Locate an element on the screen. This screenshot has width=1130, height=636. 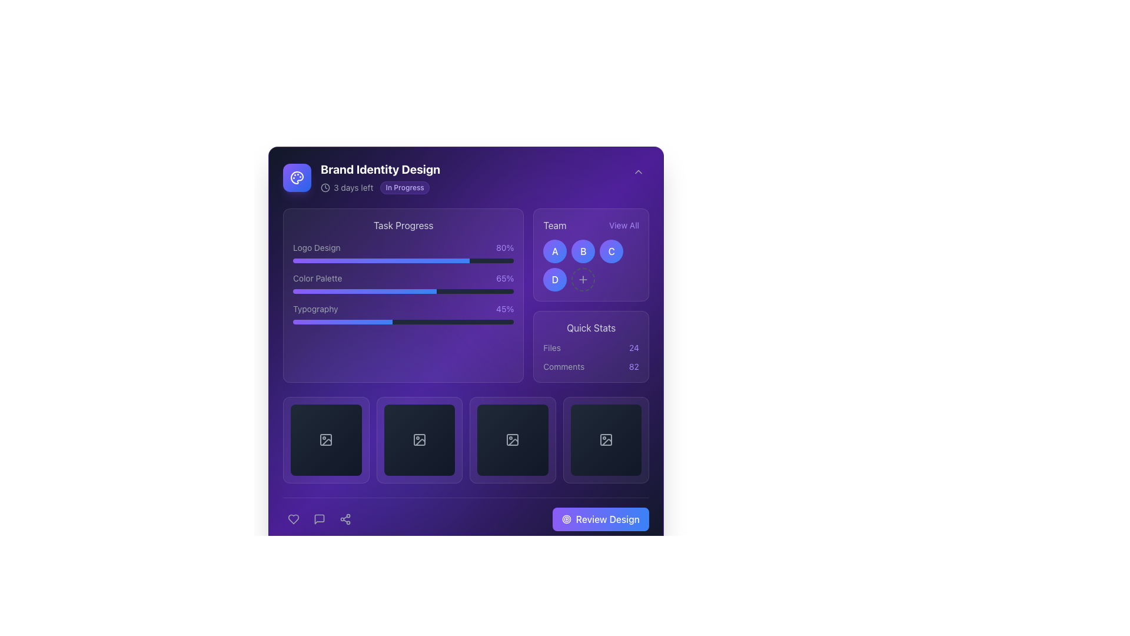
title label of the 'Quick Stats' section located in the top-right of the panel, above the 'Files' and 'Comments' sections is located at coordinates (591, 327).